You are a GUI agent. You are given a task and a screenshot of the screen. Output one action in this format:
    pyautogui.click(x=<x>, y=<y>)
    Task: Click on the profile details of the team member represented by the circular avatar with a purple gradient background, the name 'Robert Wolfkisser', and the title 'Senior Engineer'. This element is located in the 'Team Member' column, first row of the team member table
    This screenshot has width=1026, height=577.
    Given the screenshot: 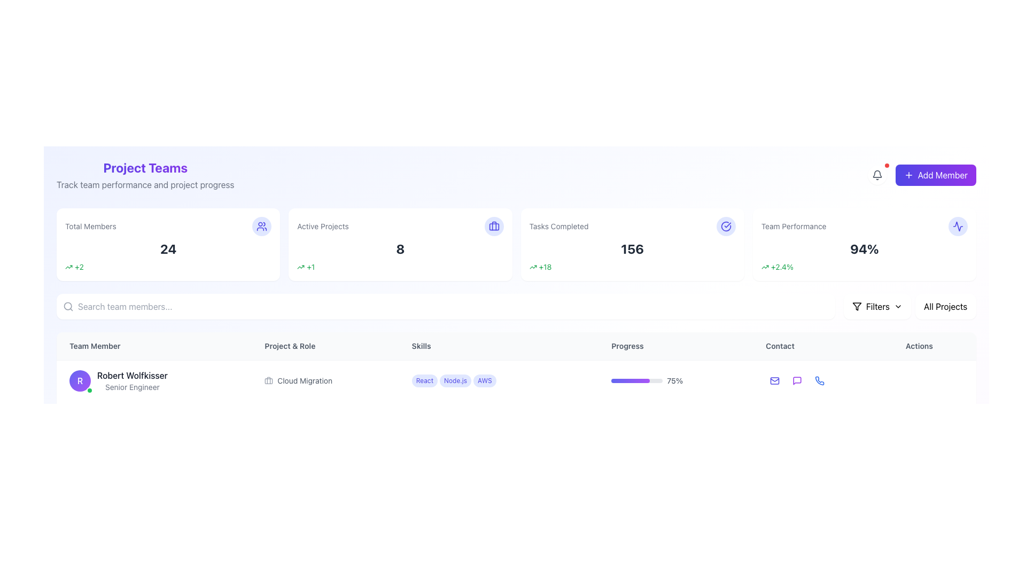 What is the action you would take?
    pyautogui.click(x=153, y=380)
    